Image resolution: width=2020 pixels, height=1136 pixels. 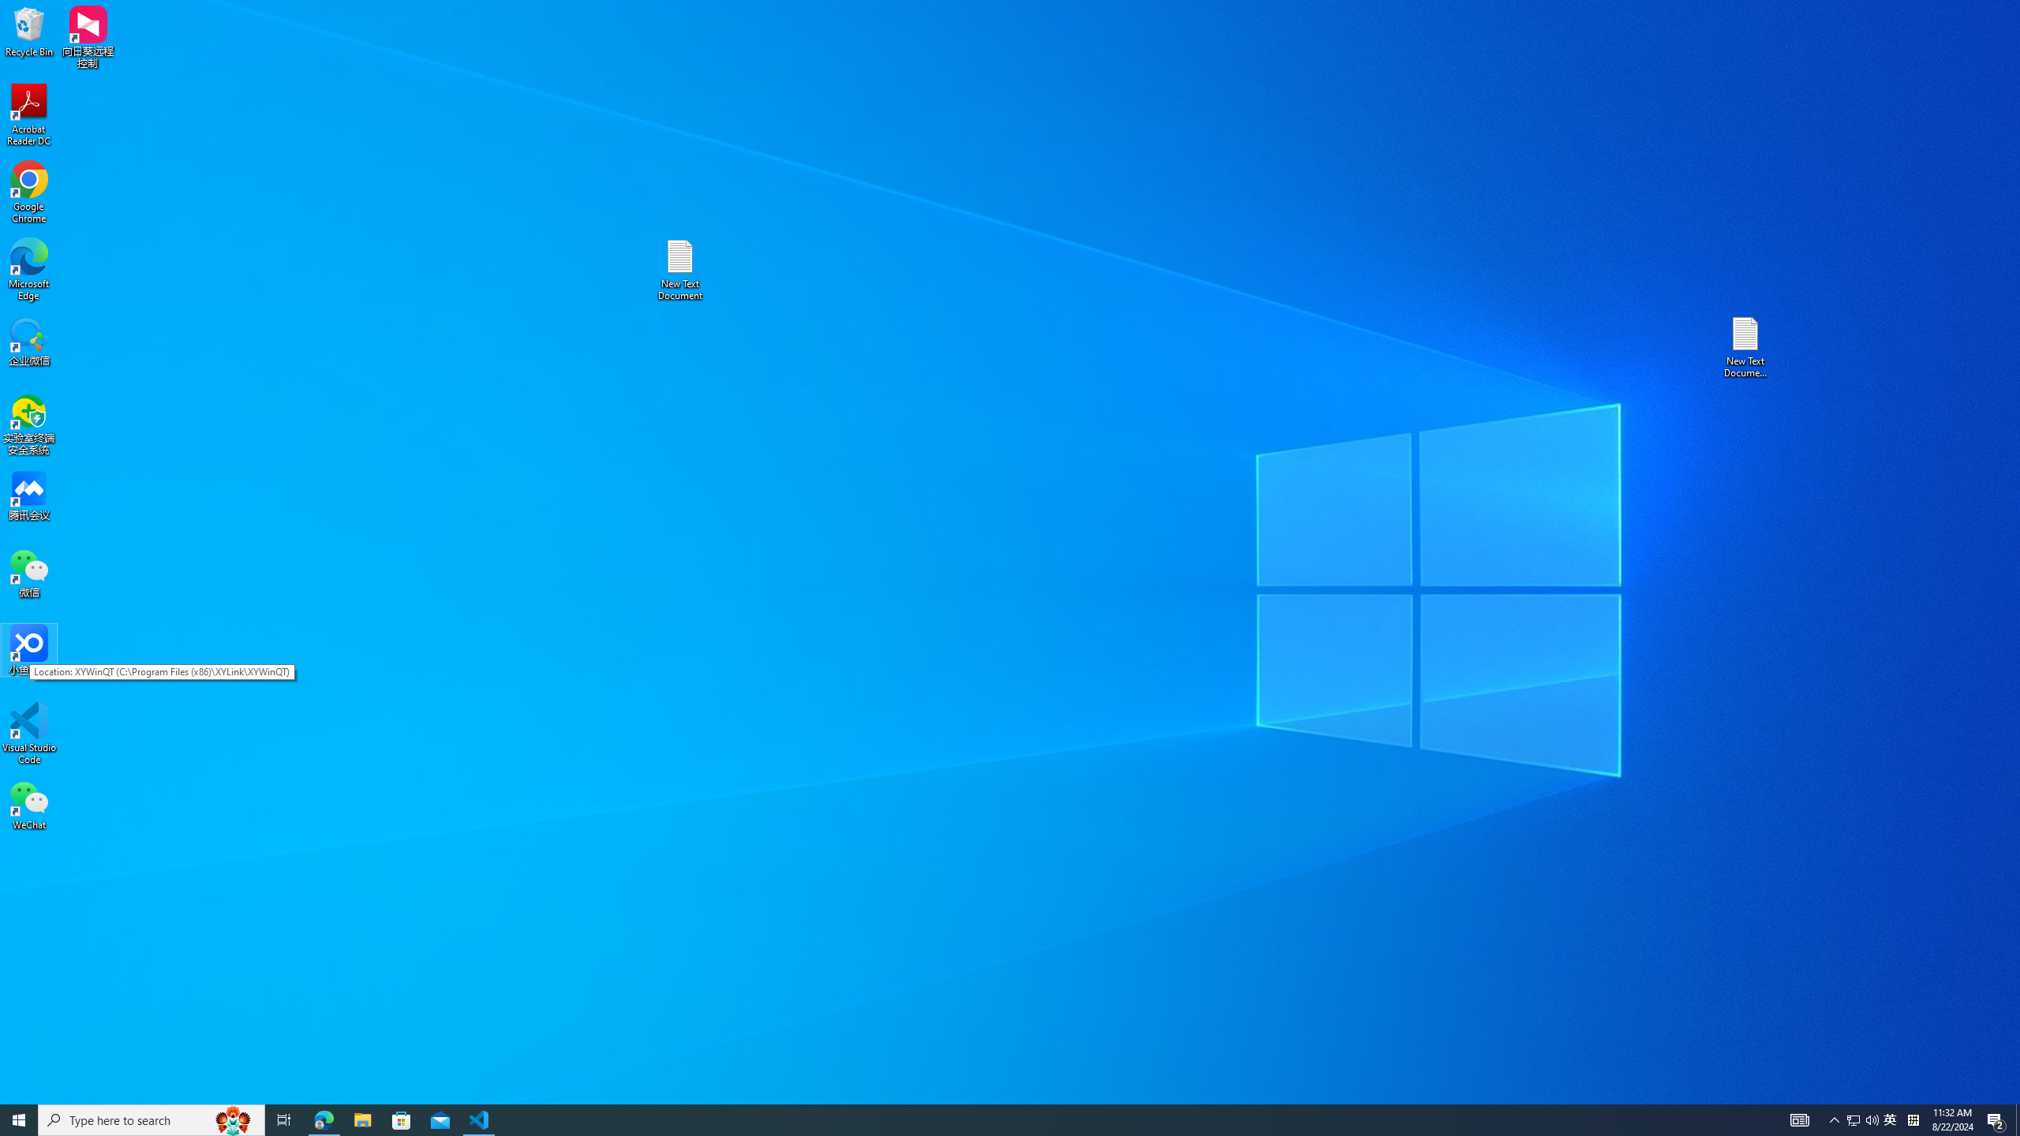 I want to click on 'Visual Studio Code - 1 running window', so click(x=479, y=1119).